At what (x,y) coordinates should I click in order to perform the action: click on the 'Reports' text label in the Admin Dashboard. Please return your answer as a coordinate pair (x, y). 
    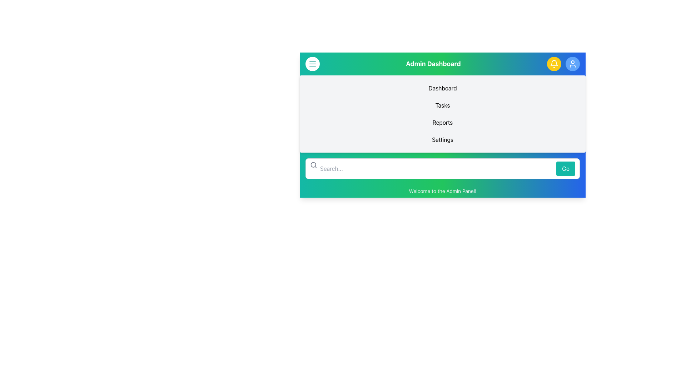
    Looking at the image, I should click on (442, 122).